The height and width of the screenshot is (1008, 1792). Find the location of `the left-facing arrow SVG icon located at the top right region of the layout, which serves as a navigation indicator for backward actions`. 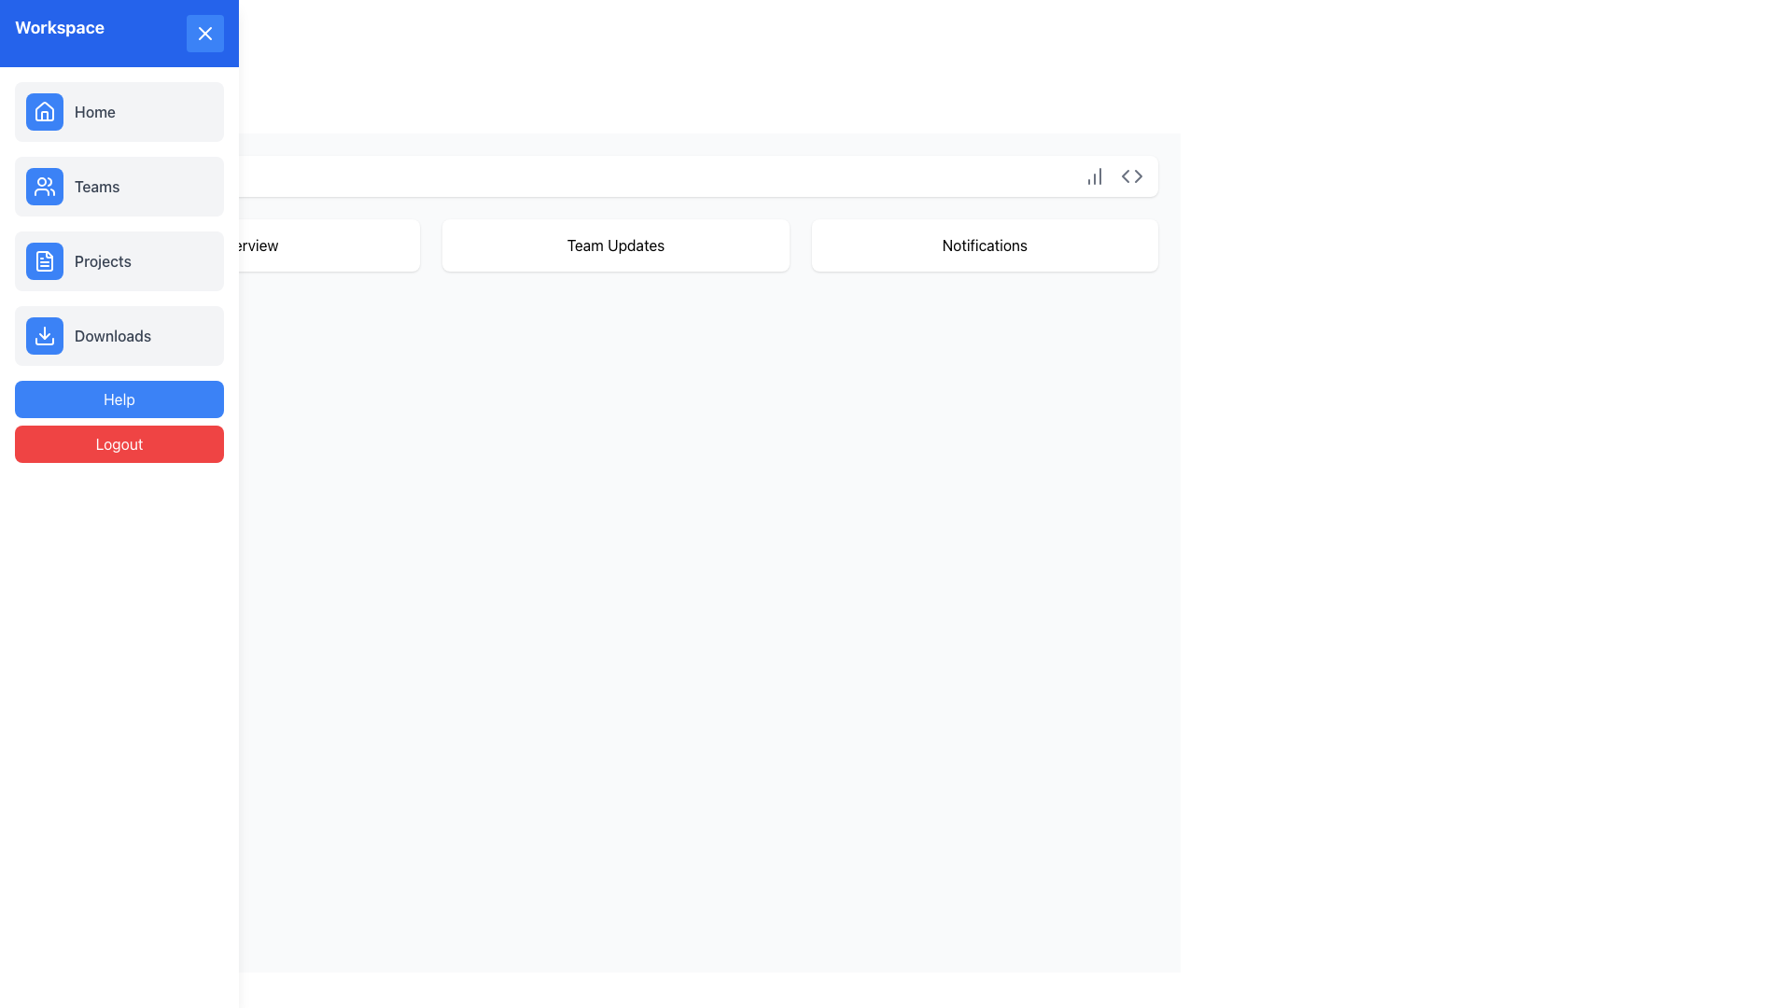

the left-facing arrow SVG icon located at the top right region of the layout, which serves as a navigation indicator for backward actions is located at coordinates (1124, 176).